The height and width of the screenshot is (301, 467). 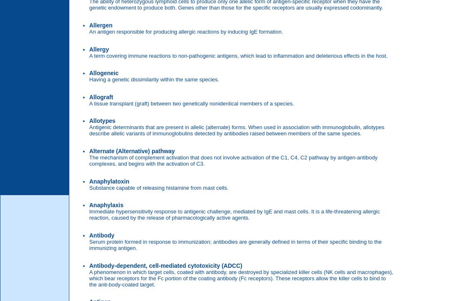 I want to click on 'Allograft', so click(x=89, y=96).